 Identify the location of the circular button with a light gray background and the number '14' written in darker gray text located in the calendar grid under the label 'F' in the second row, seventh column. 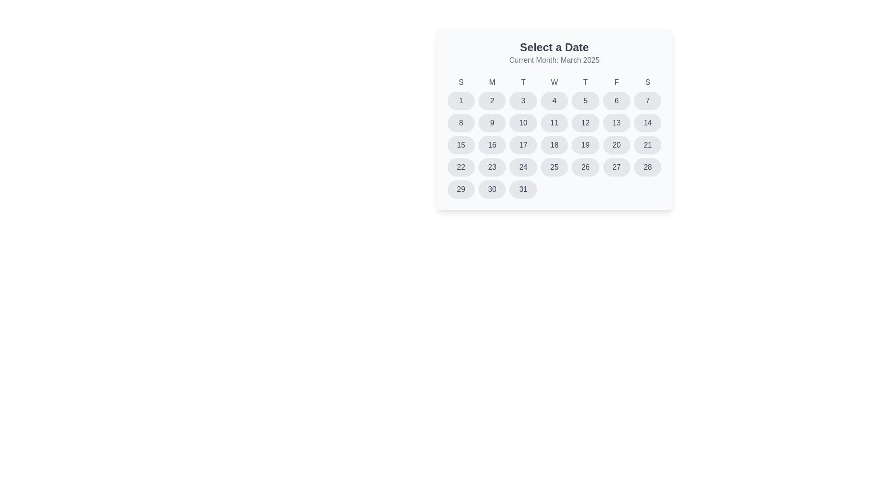
(647, 122).